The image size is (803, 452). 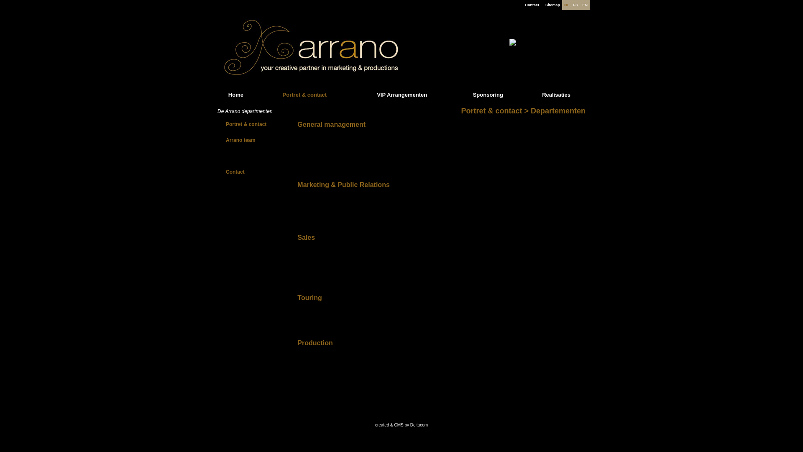 I want to click on 'Realisaties', so click(x=556, y=94).